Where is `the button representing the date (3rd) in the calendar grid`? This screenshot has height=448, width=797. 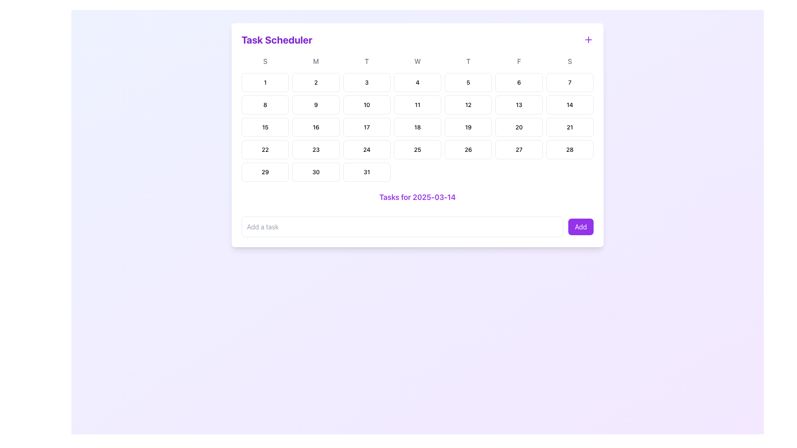 the button representing the date (3rd) in the calendar grid is located at coordinates (366, 83).